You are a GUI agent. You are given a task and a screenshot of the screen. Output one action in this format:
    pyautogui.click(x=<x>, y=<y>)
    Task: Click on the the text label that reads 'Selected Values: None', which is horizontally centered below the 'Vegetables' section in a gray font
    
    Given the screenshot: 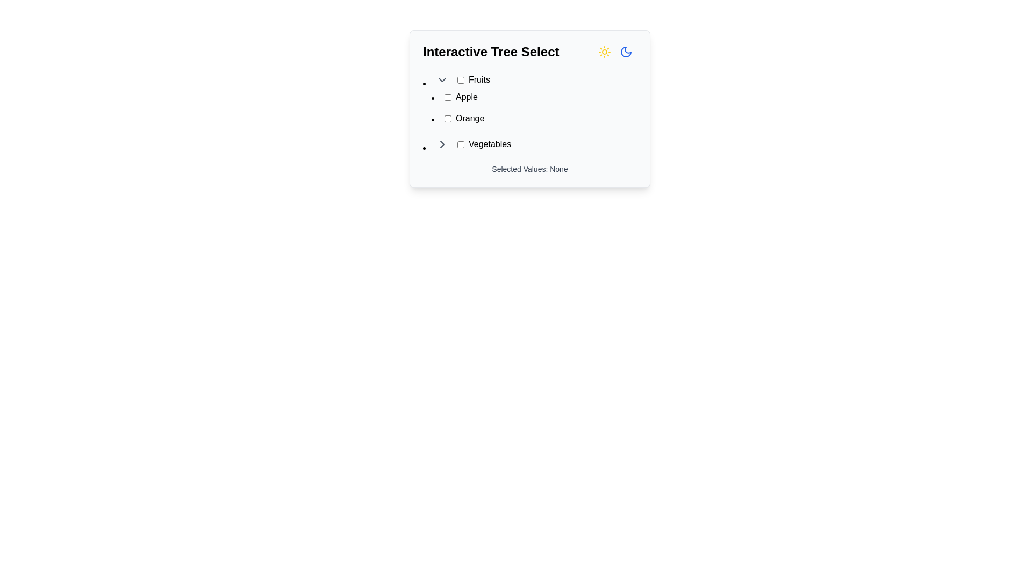 What is the action you would take?
    pyautogui.click(x=529, y=165)
    